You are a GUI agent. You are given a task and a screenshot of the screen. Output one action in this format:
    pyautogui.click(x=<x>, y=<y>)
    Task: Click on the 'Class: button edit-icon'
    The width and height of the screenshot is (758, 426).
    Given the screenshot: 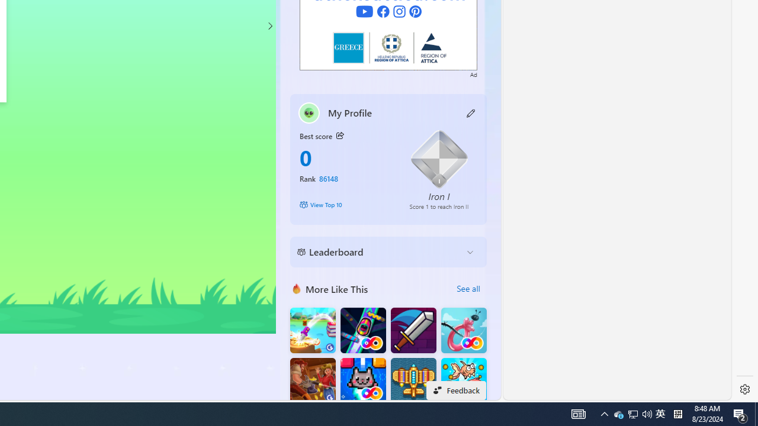 What is the action you would take?
    pyautogui.click(x=471, y=112)
    